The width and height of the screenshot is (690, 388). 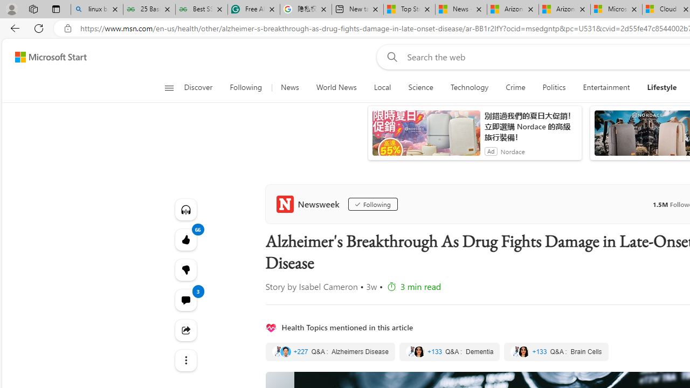 What do you see at coordinates (185, 300) in the screenshot?
I see `'View comments 3 Comment'` at bounding box center [185, 300].